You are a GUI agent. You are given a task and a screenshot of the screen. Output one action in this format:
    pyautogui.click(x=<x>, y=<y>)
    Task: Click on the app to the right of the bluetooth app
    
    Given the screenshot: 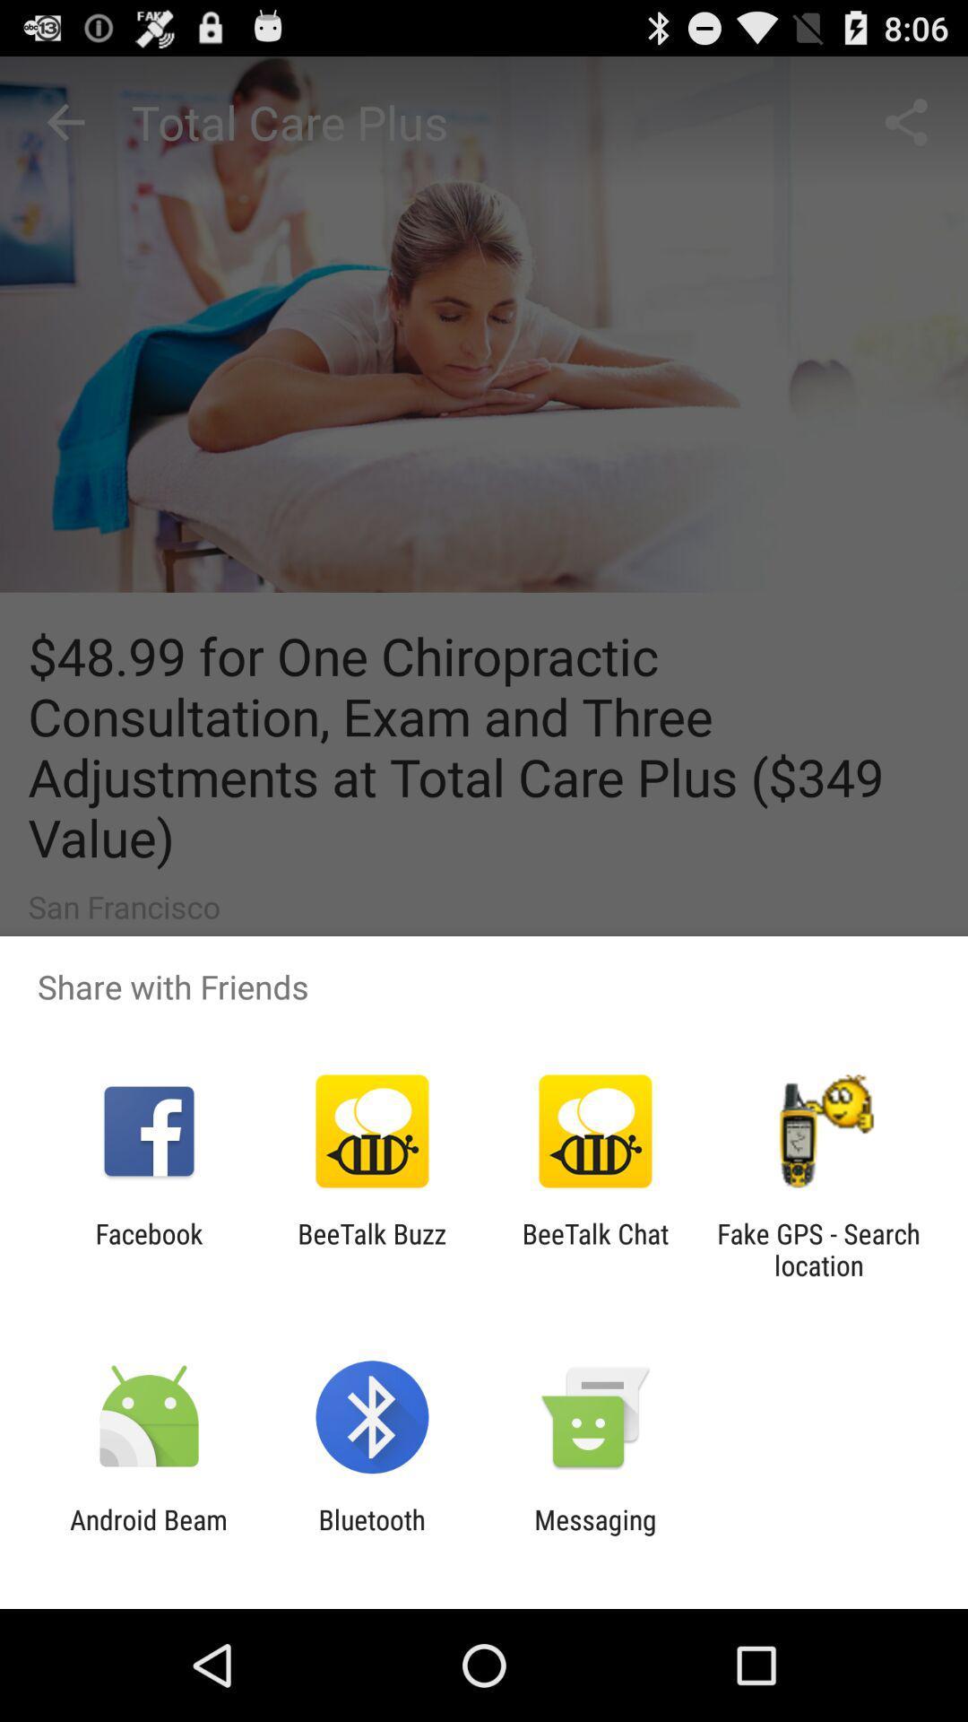 What is the action you would take?
    pyautogui.click(x=595, y=1535)
    